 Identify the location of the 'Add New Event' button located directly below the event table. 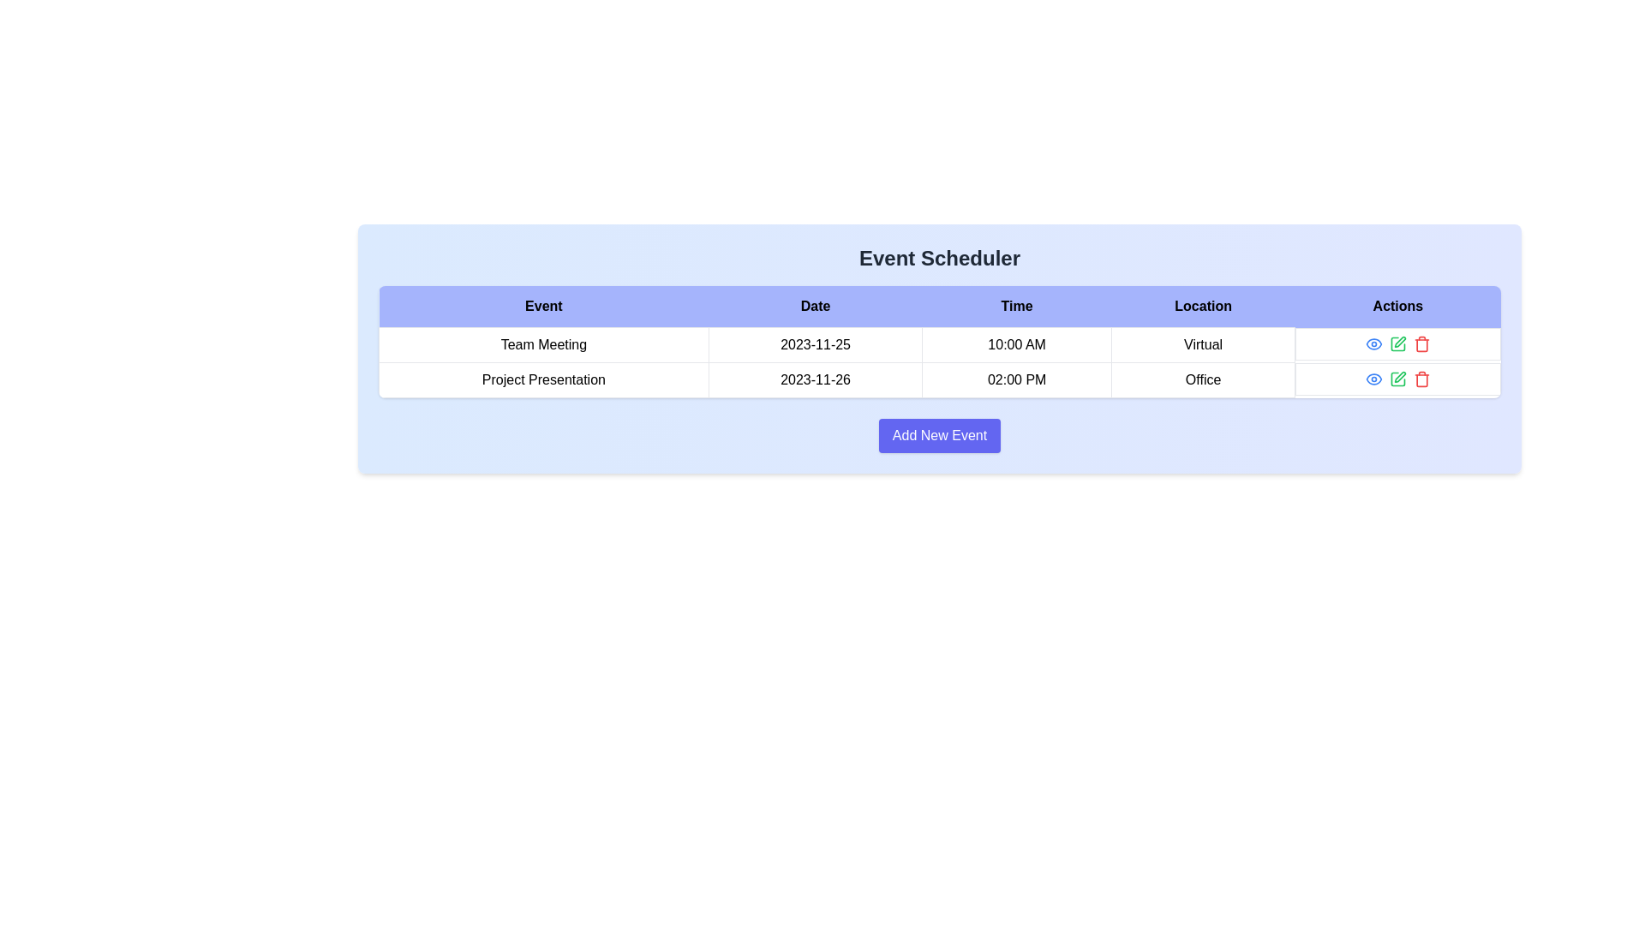
(939, 435).